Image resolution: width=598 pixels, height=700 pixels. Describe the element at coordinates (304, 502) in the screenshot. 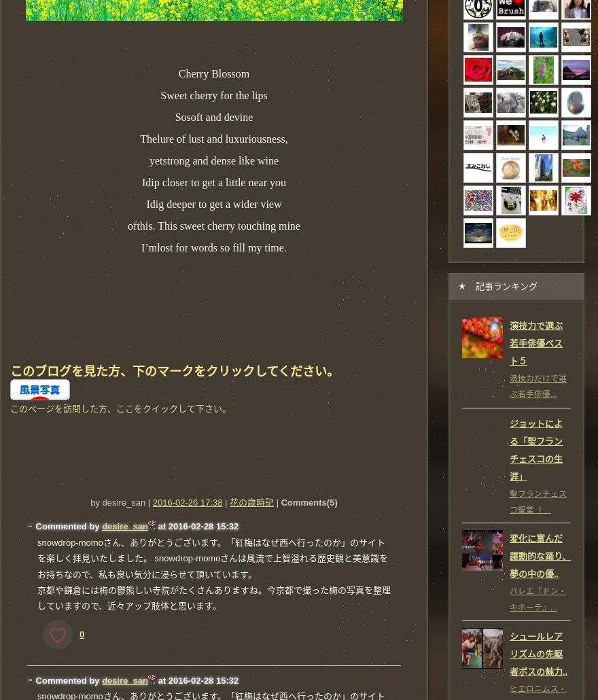

I see `'Comments('` at that location.